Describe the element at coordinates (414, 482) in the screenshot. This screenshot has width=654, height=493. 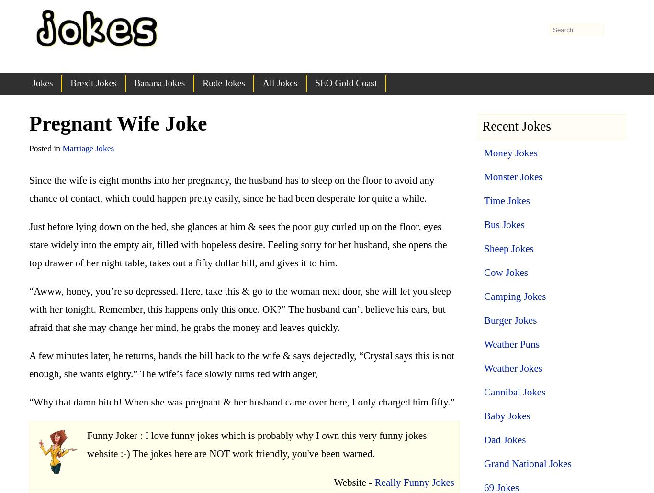
I see `'Really Funny Jokes'` at that location.